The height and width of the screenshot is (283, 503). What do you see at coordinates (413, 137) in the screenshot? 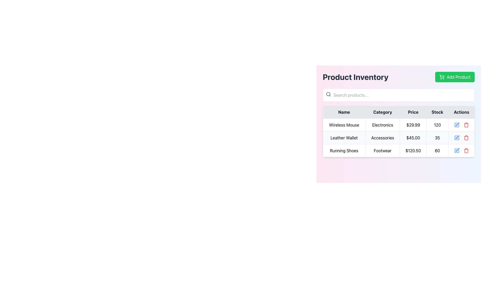
I see `the text label displaying the price '$45.00' located under the 'Price' column in the second row of the table, associated with the 'Leather Wallet' product` at bounding box center [413, 137].